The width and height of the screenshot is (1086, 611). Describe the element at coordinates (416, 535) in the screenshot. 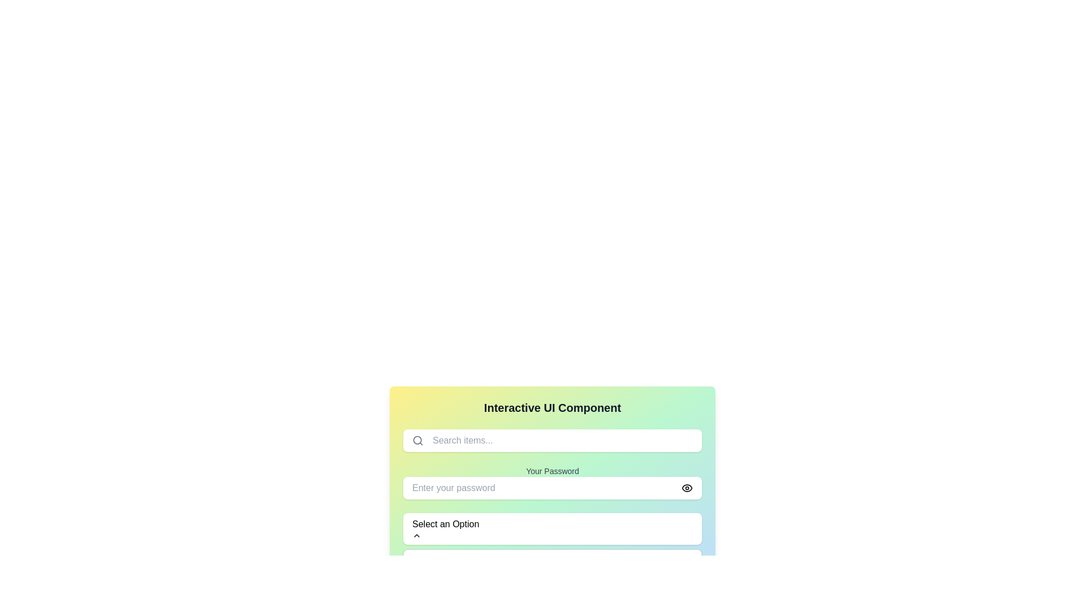

I see `the chevron icon on the right side of the 'Select an Option' button` at that location.